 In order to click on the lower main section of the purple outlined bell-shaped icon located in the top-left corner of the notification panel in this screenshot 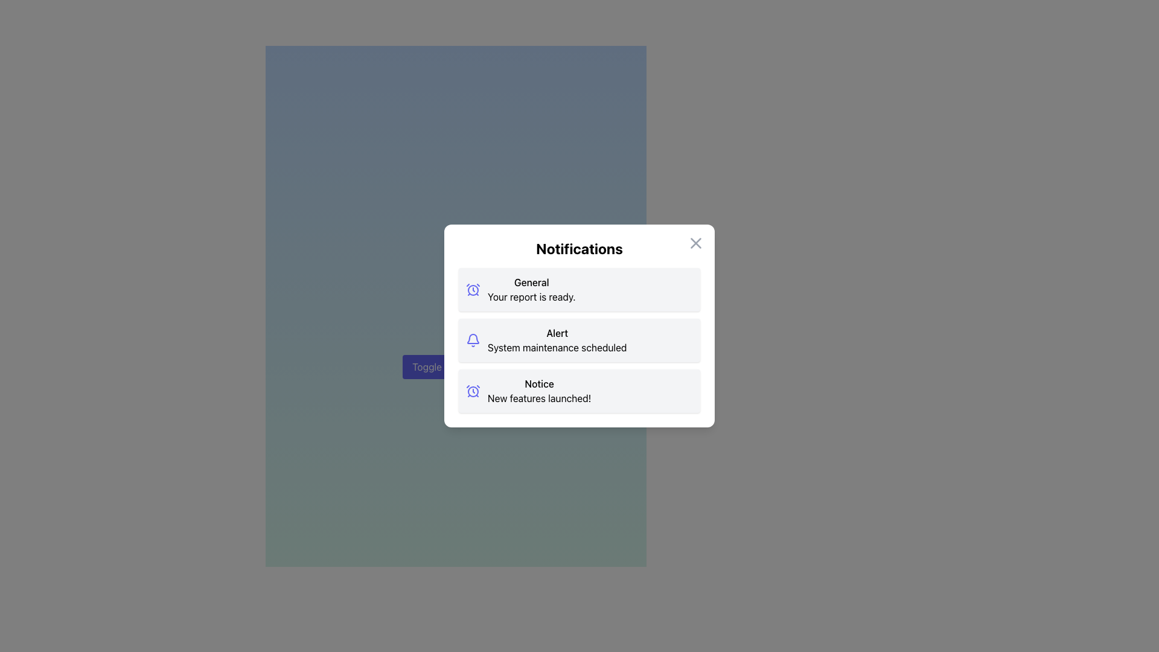, I will do `click(472, 339)`.